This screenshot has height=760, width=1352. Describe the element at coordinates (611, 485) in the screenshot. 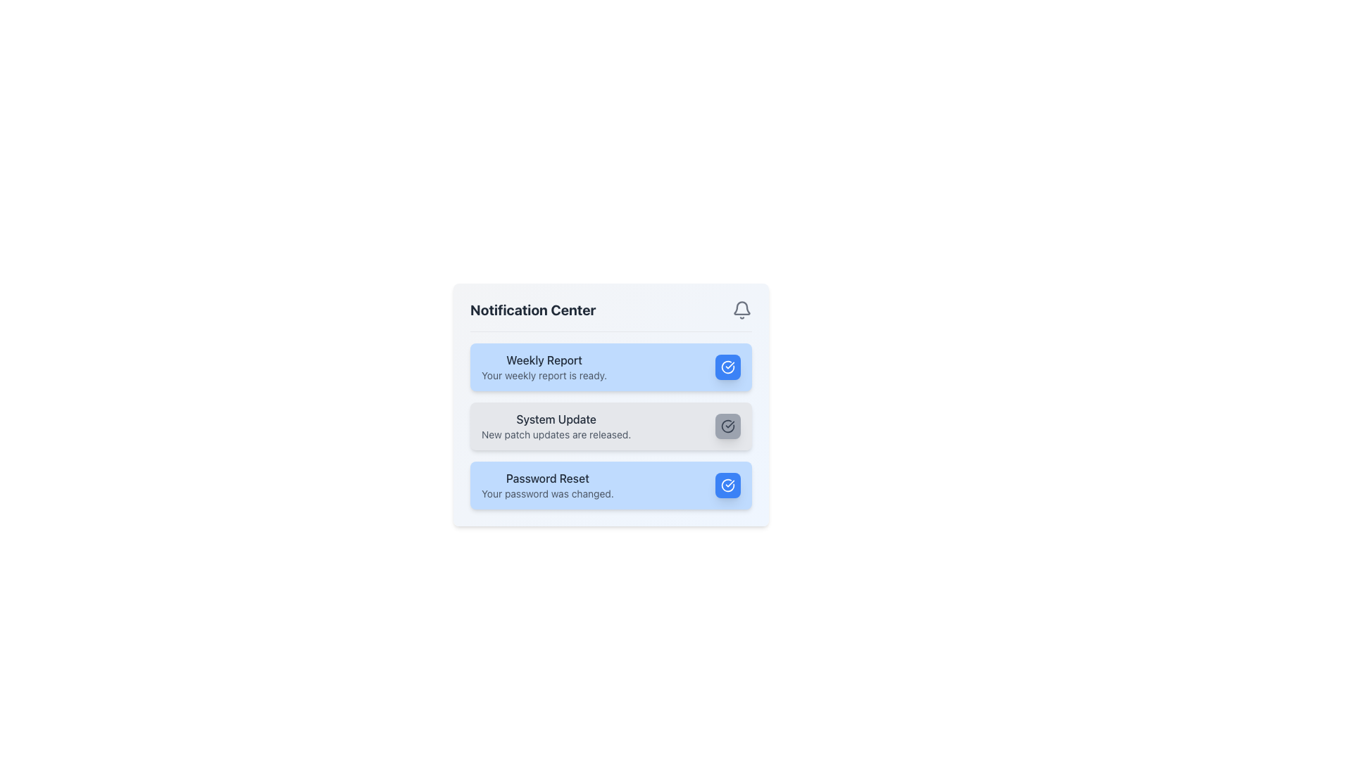

I see `the third Notification card in the Notification Center` at that location.